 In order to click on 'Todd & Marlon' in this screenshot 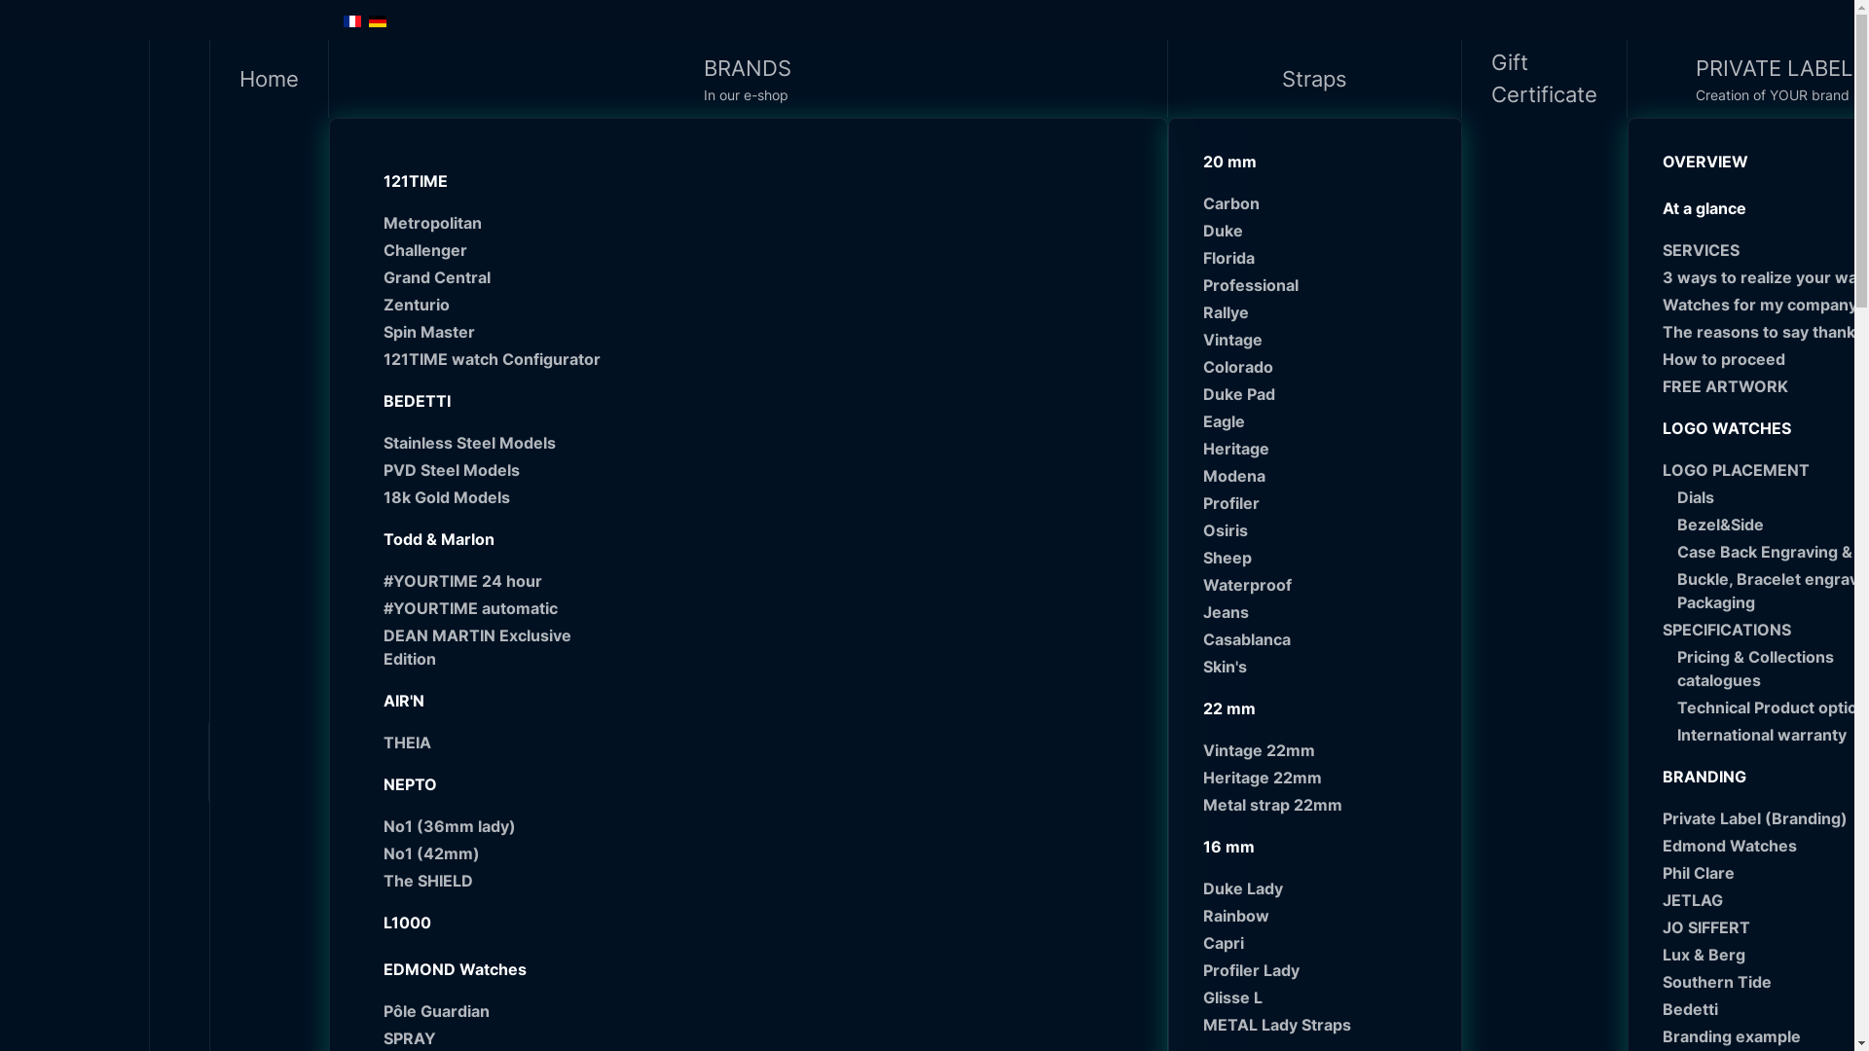, I will do `click(485, 539)`.